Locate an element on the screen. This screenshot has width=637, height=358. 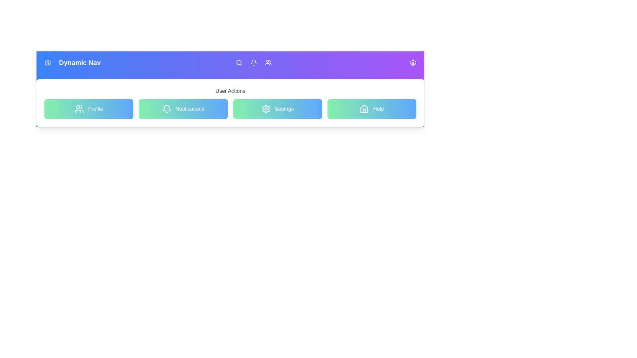
the Settings button in the AdvancedNavBar component is located at coordinates (277, 108).